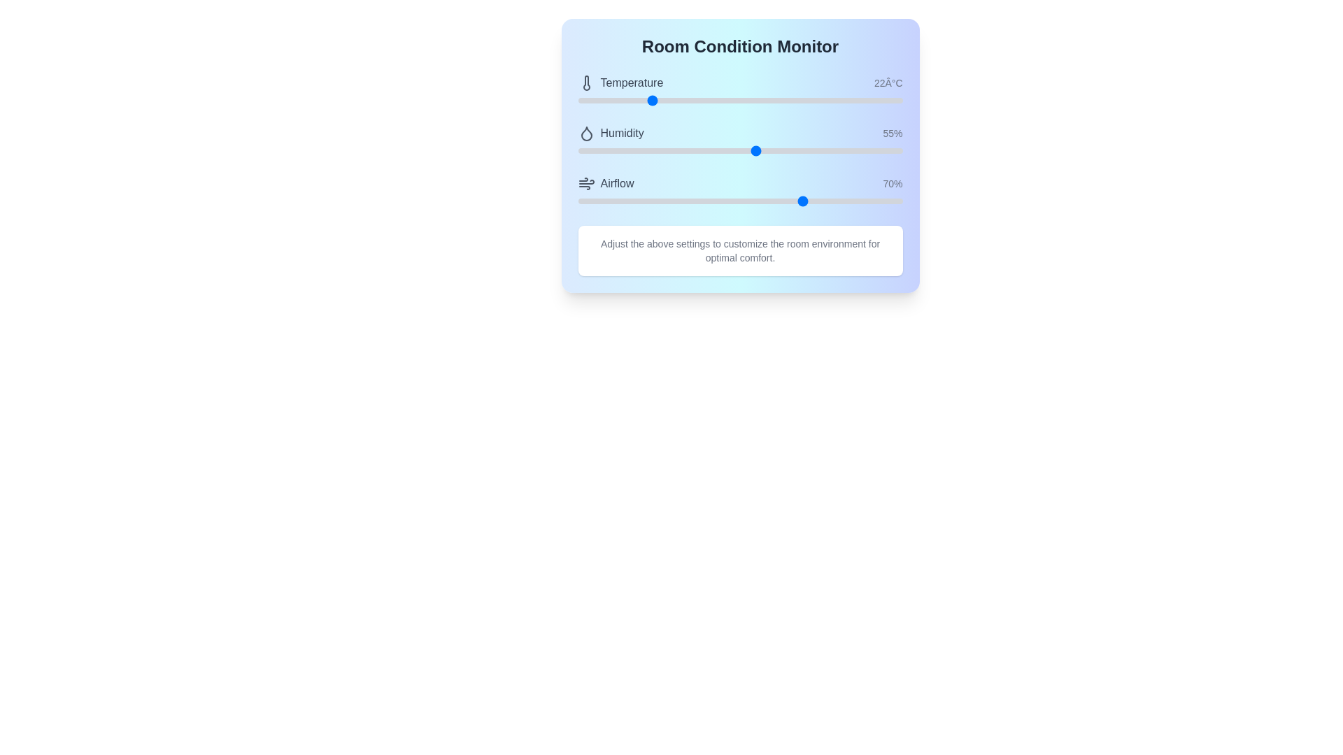 The width and height of the screenshot is (1343, 755). I want to click on airflow level, so click(655, 201).